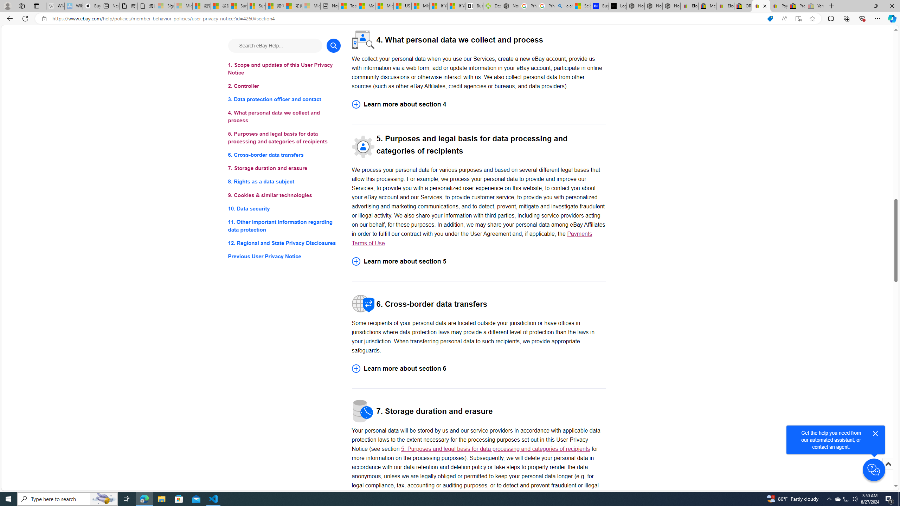 This screenshot has width=900, height=506. What do you see at coordinates (284, 168) in the screenshot?
I see `'7. Storage duration and erasure'` at bounding box center [284, 168].